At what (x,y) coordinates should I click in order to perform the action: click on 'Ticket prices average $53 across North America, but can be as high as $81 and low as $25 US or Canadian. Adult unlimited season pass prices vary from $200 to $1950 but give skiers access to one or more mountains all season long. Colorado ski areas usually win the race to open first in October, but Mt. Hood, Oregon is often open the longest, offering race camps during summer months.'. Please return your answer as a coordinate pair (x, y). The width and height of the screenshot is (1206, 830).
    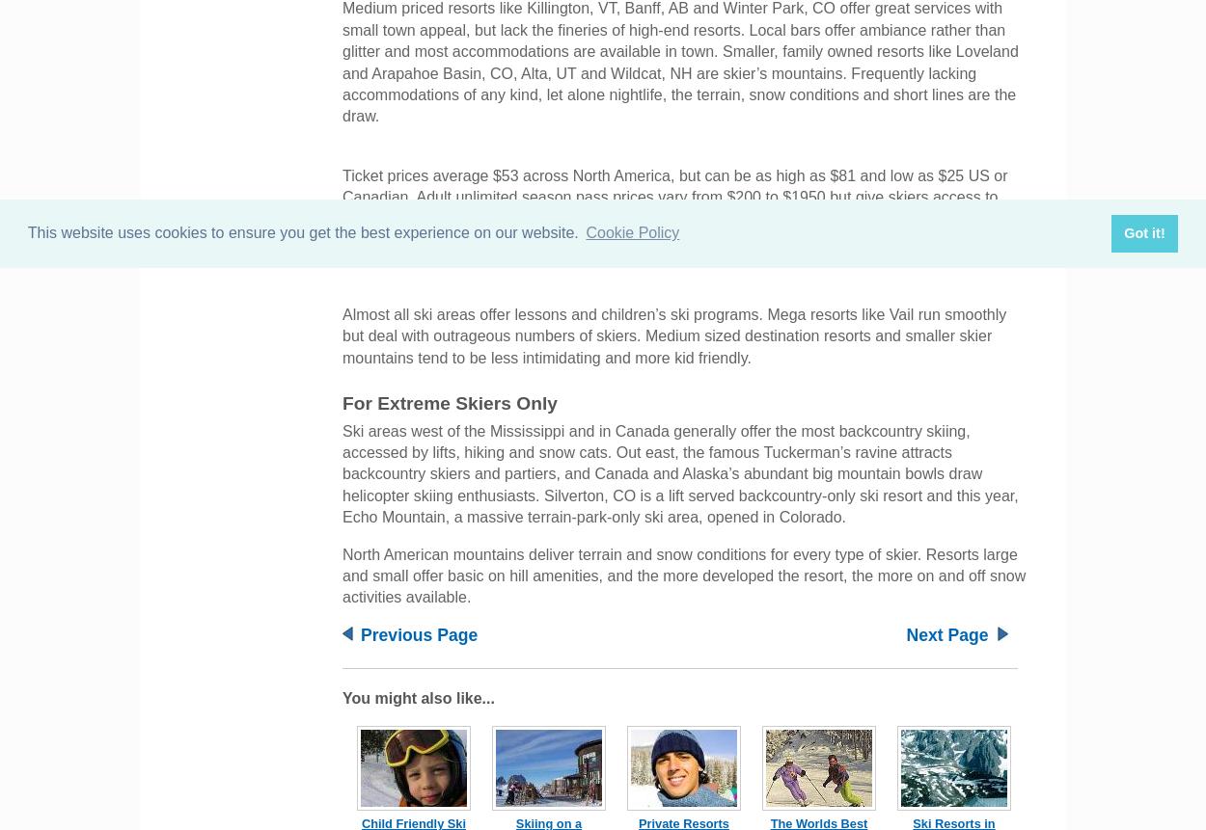
    Looking at the image, I should click on (673, 217).